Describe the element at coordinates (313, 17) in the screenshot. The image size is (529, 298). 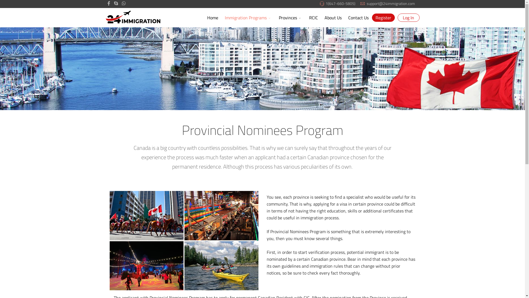
I see `'RCIC'` at that location.